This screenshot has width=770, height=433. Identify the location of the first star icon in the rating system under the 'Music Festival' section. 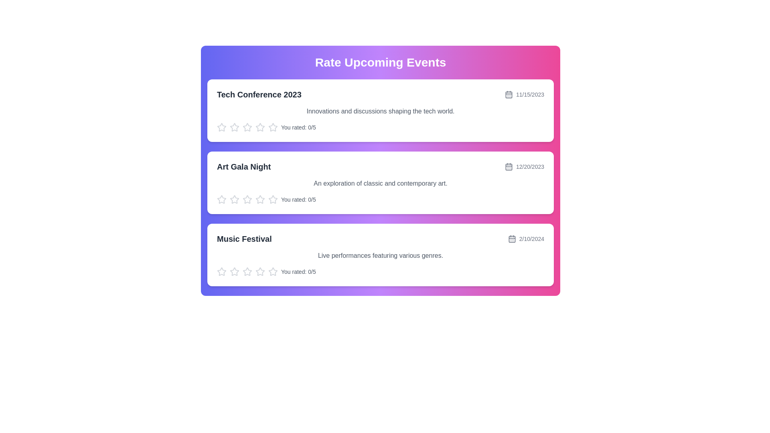
(273, 271).